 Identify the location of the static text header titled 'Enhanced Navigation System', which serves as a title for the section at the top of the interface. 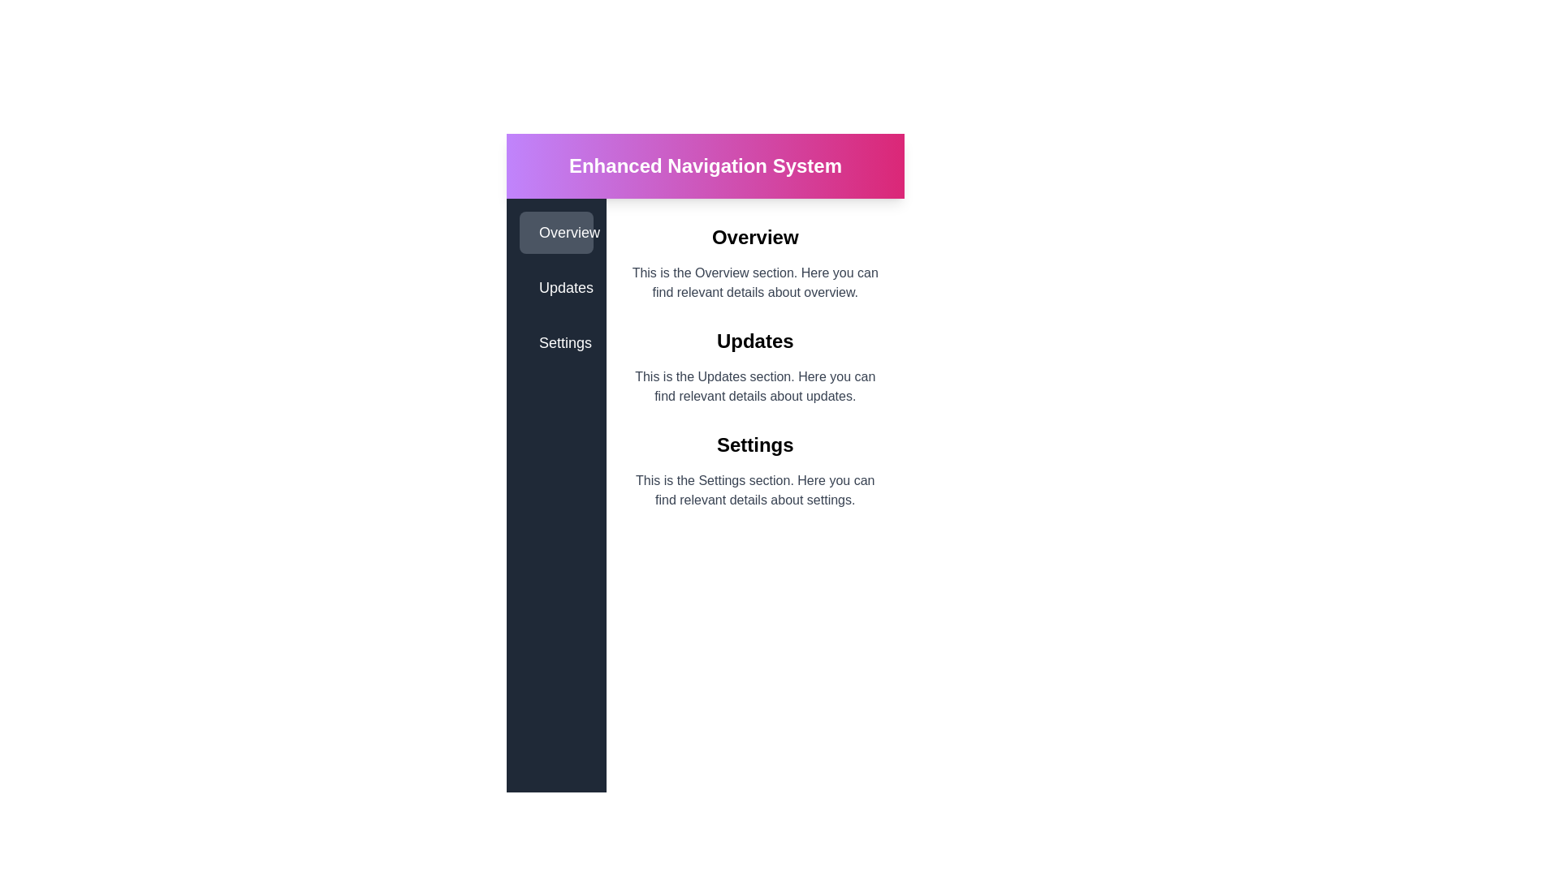
(705, 165).